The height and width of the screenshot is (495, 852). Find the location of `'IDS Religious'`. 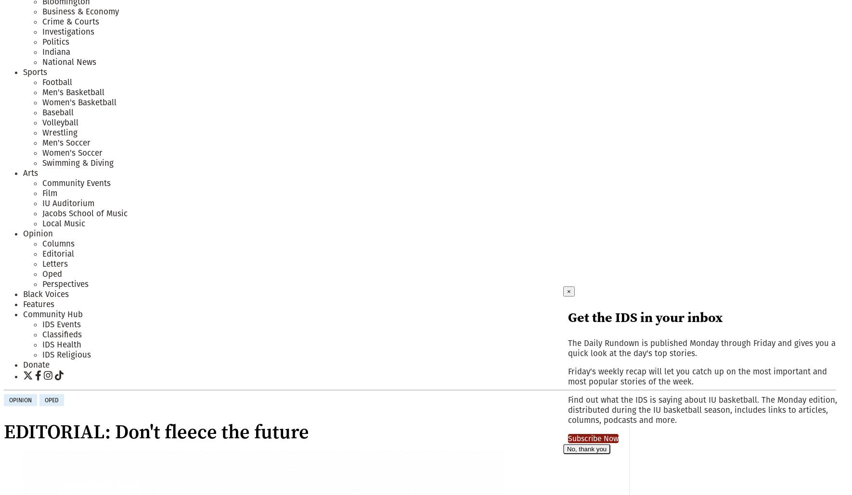

'IDS Religious' is located at coordinates (66, 354).